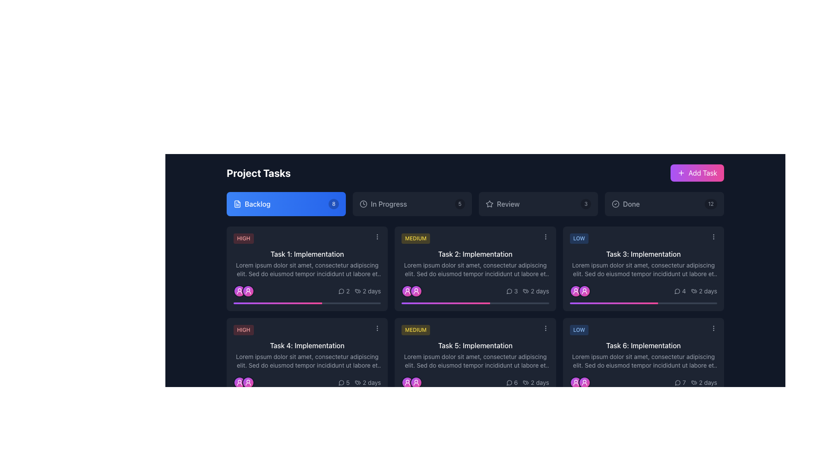 This screenshot has width=829, height=466. Describe the element at coordinates (407, 382) in the screenshot. I see `the first circular avatar located at the bottom-right corner of the 'Task 5: Implementation' card under 'Medium' priority` at that location.